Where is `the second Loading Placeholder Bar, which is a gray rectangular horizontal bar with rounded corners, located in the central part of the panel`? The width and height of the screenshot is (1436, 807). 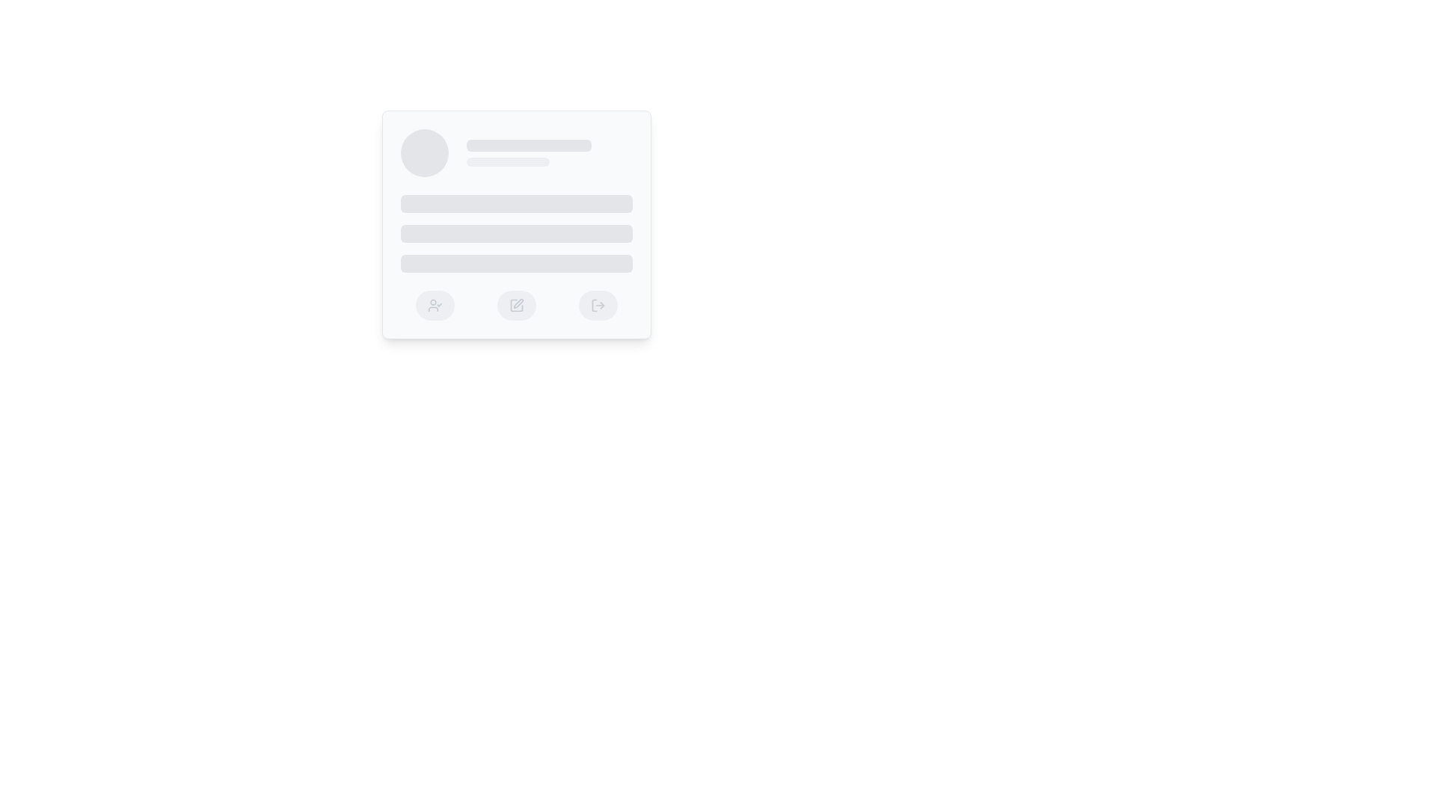
the second Loading Placeholder Bar, which is a gray rectangular horizontal bar with rounded corners, located in the central part of the panel is located at coordinates (517, 233).